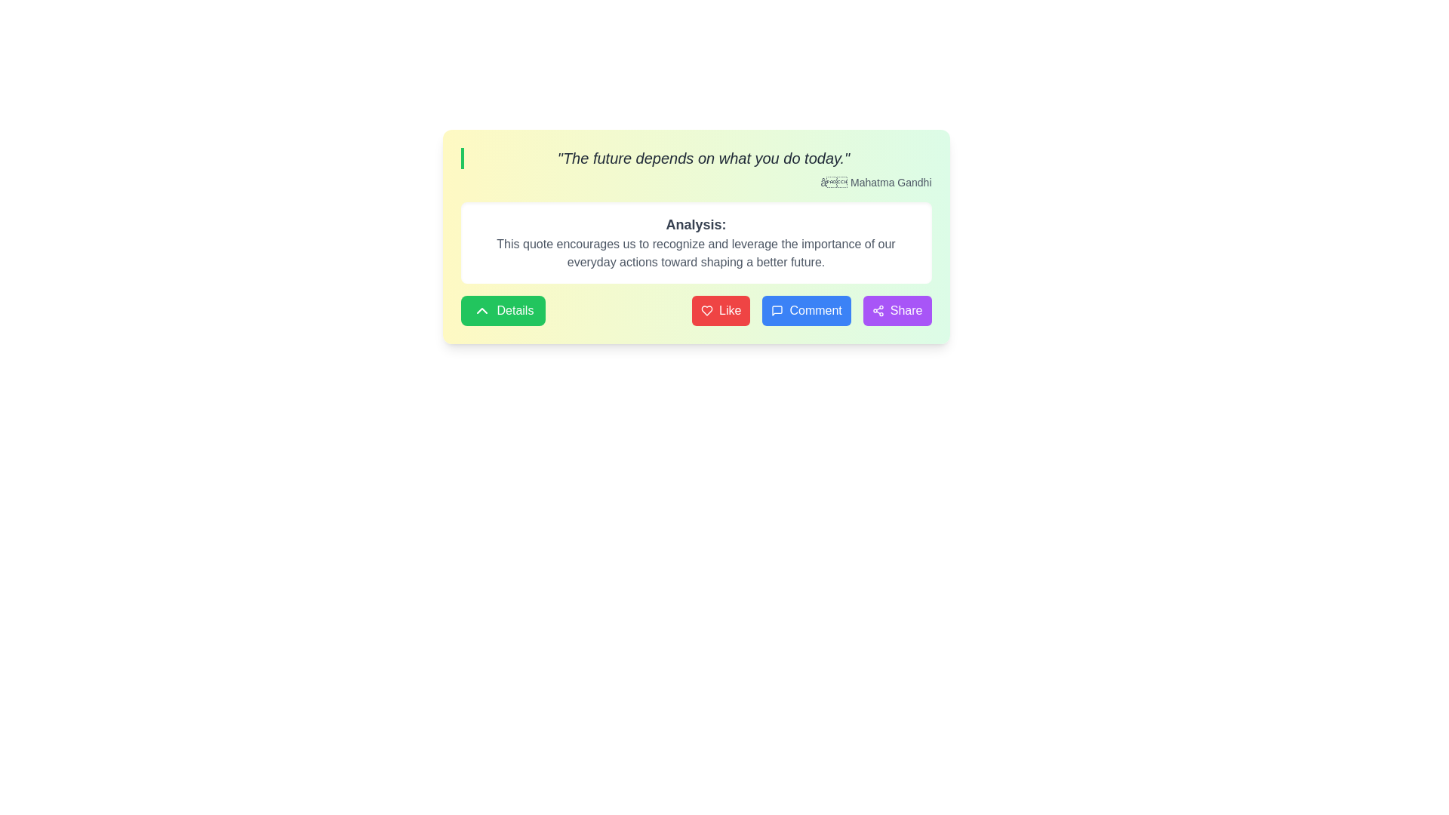 The image size is (1449, 815). I want to click on the green 'Details' button with rounded ends, featuring white text and an upward arrow icon, located at the bottom-left of a group of buttons, so click(503, 310).